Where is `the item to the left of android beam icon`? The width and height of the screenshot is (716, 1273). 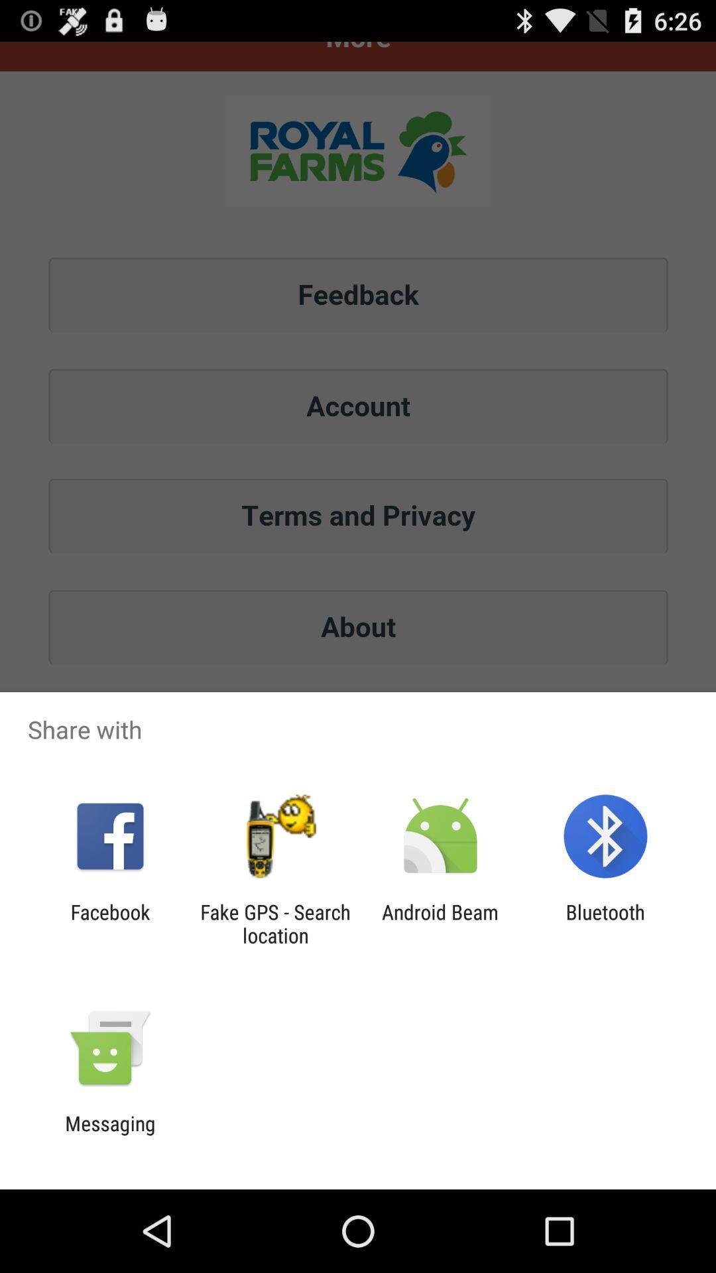 the item to the left of android beam icon is located at coordinates (274, 923).